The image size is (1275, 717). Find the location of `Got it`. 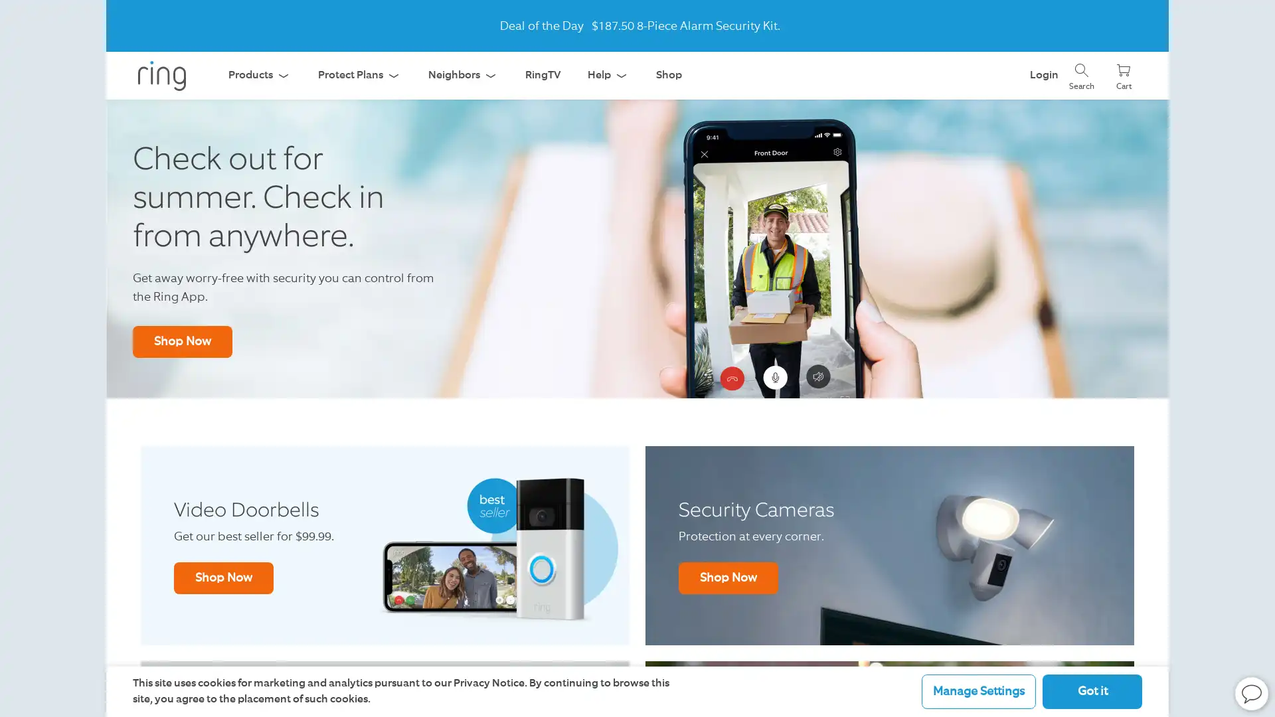

Got it is located at coordinates (1092, 690).